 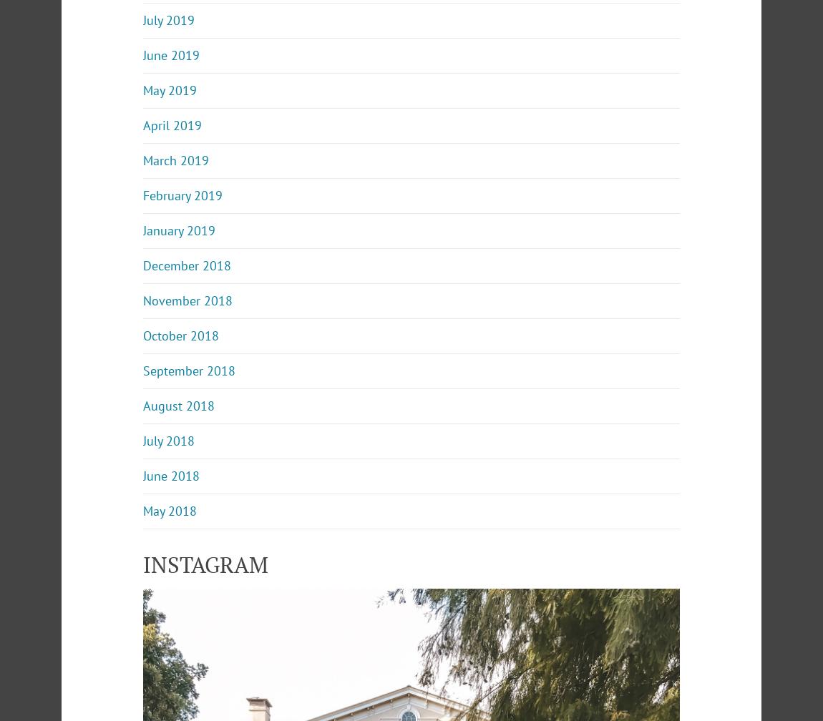 I want to click on 'November 2018', so click(x=187, y=300).